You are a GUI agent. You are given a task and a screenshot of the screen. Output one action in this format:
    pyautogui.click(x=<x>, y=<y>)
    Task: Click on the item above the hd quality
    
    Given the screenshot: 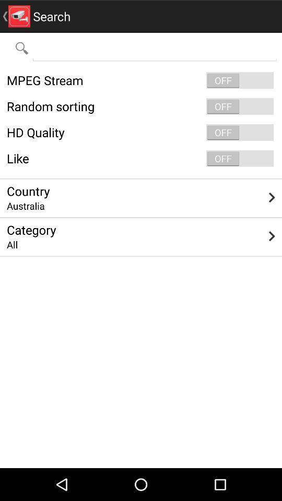 What is the action you would take?
    pyautogui.click(x=141, y=106)
    